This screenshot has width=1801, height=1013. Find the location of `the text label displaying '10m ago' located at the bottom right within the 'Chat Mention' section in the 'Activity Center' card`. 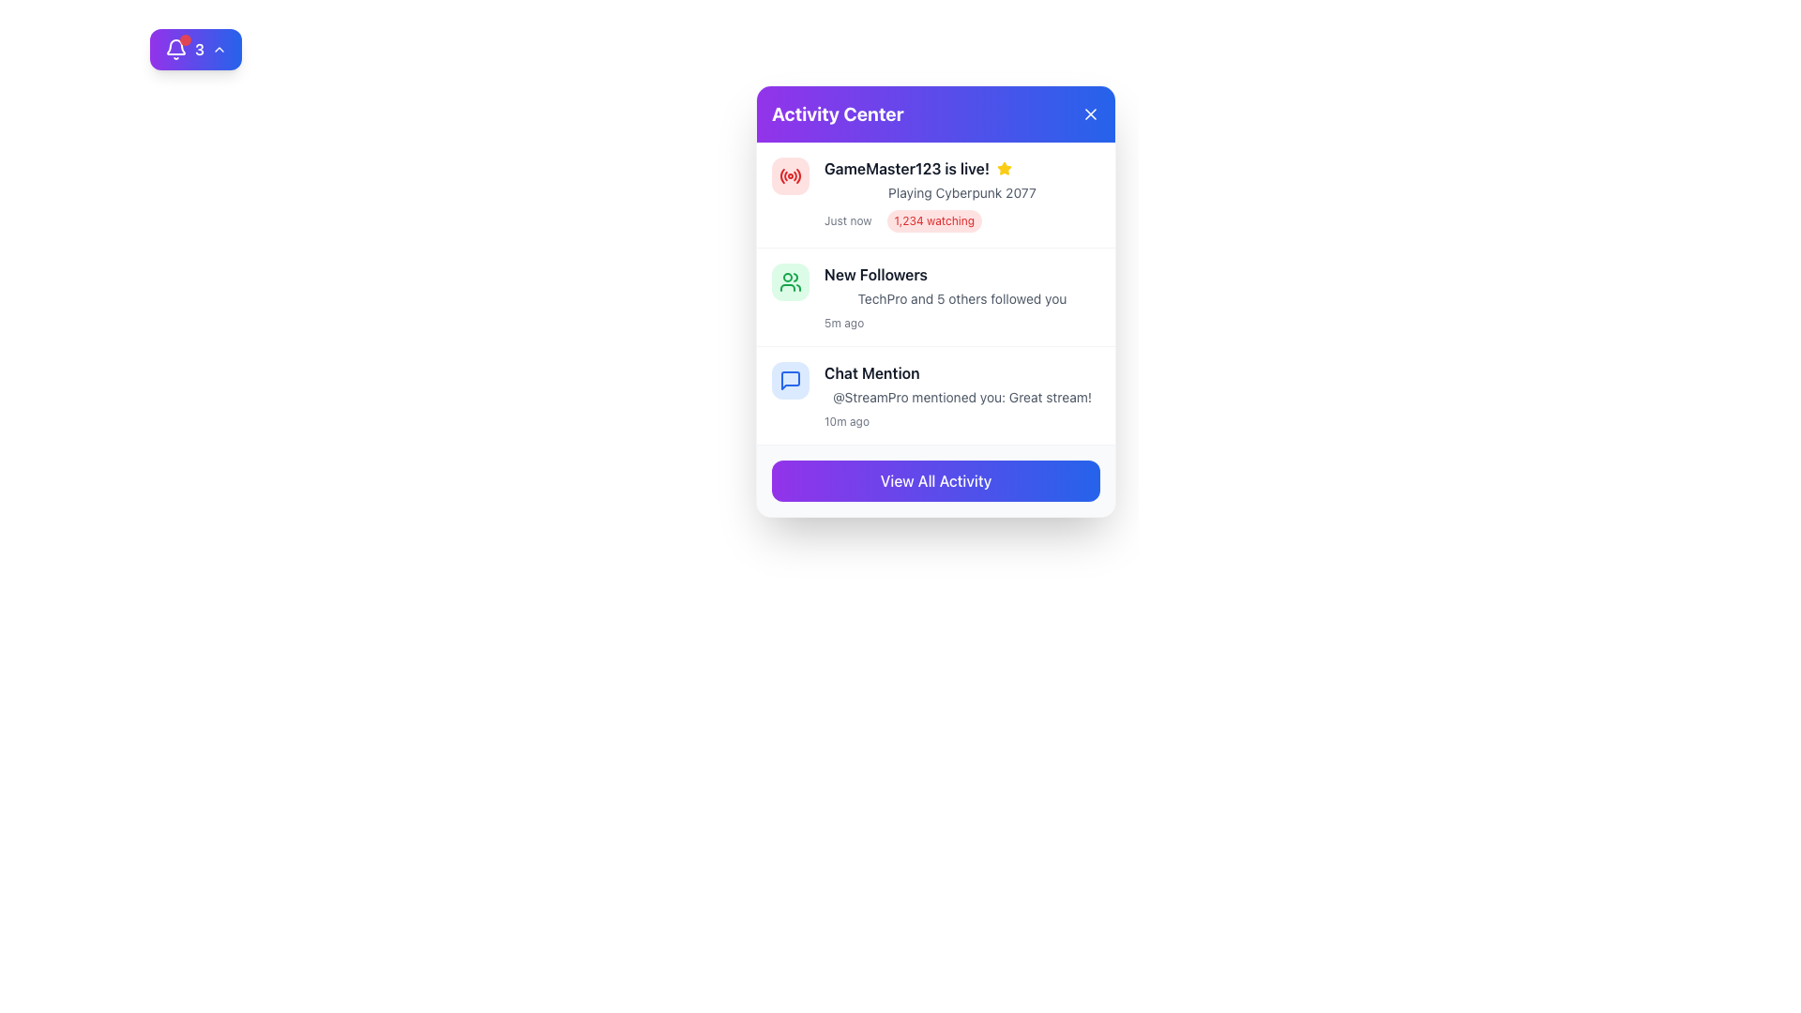

the text label displaying '10m ago' located at the bottom right within the 'Chat Mention' section in the 'Activity Center' card is located at coordinates (845, 422).